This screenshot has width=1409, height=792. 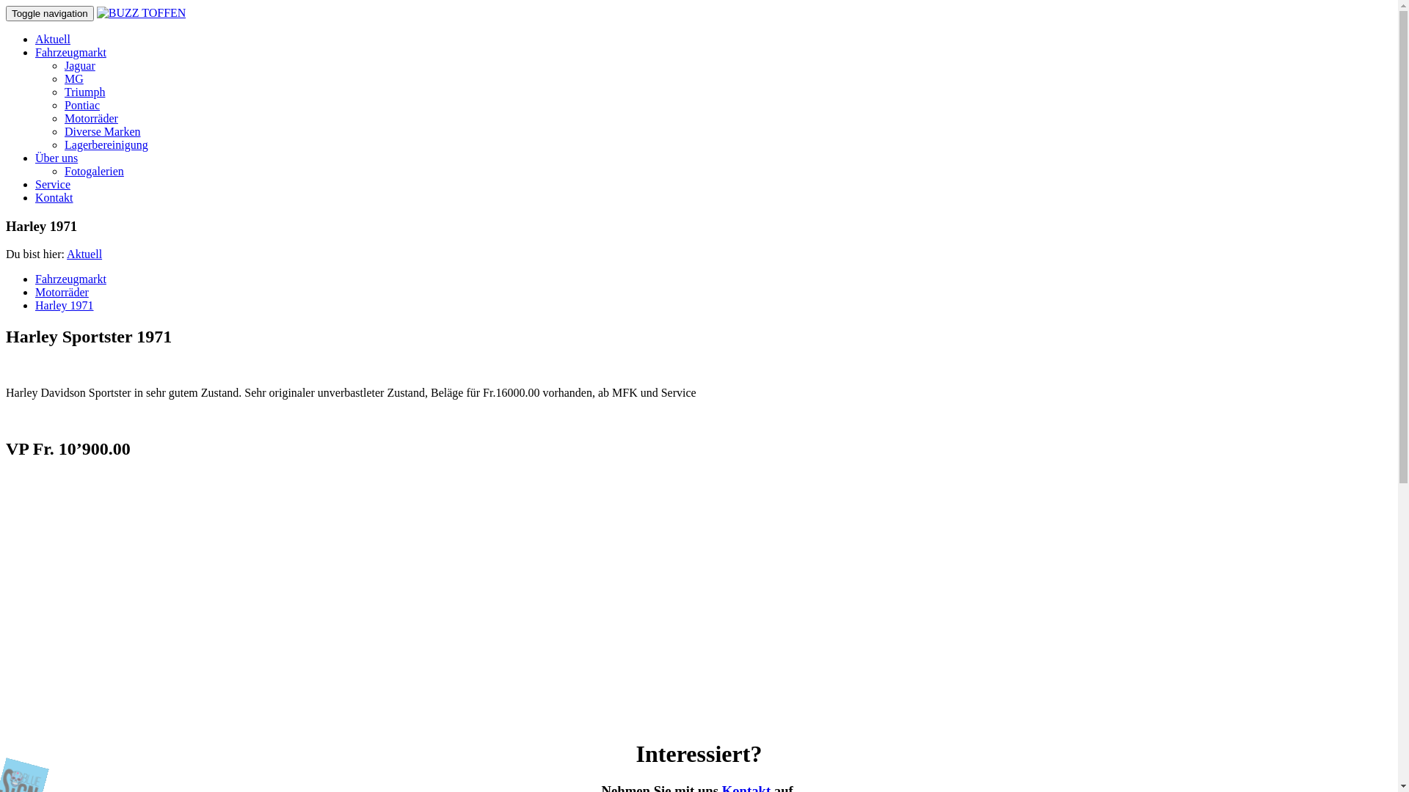 What do you see at coordinates (35, 51) in the screenshot?
I see `'Fahrzeugmarkt'` at bounding box center [35, 51].